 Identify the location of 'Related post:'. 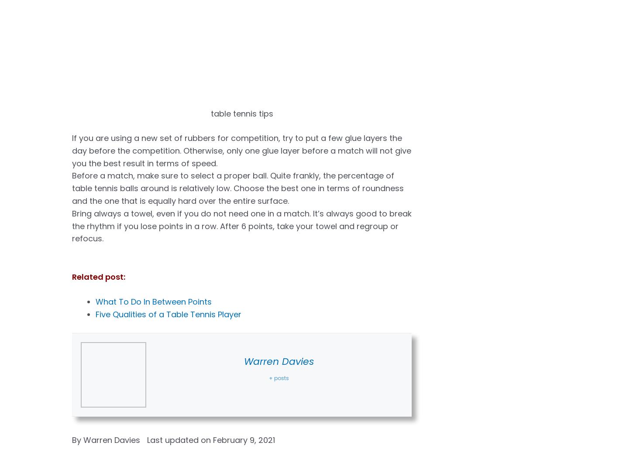
(98, 276).